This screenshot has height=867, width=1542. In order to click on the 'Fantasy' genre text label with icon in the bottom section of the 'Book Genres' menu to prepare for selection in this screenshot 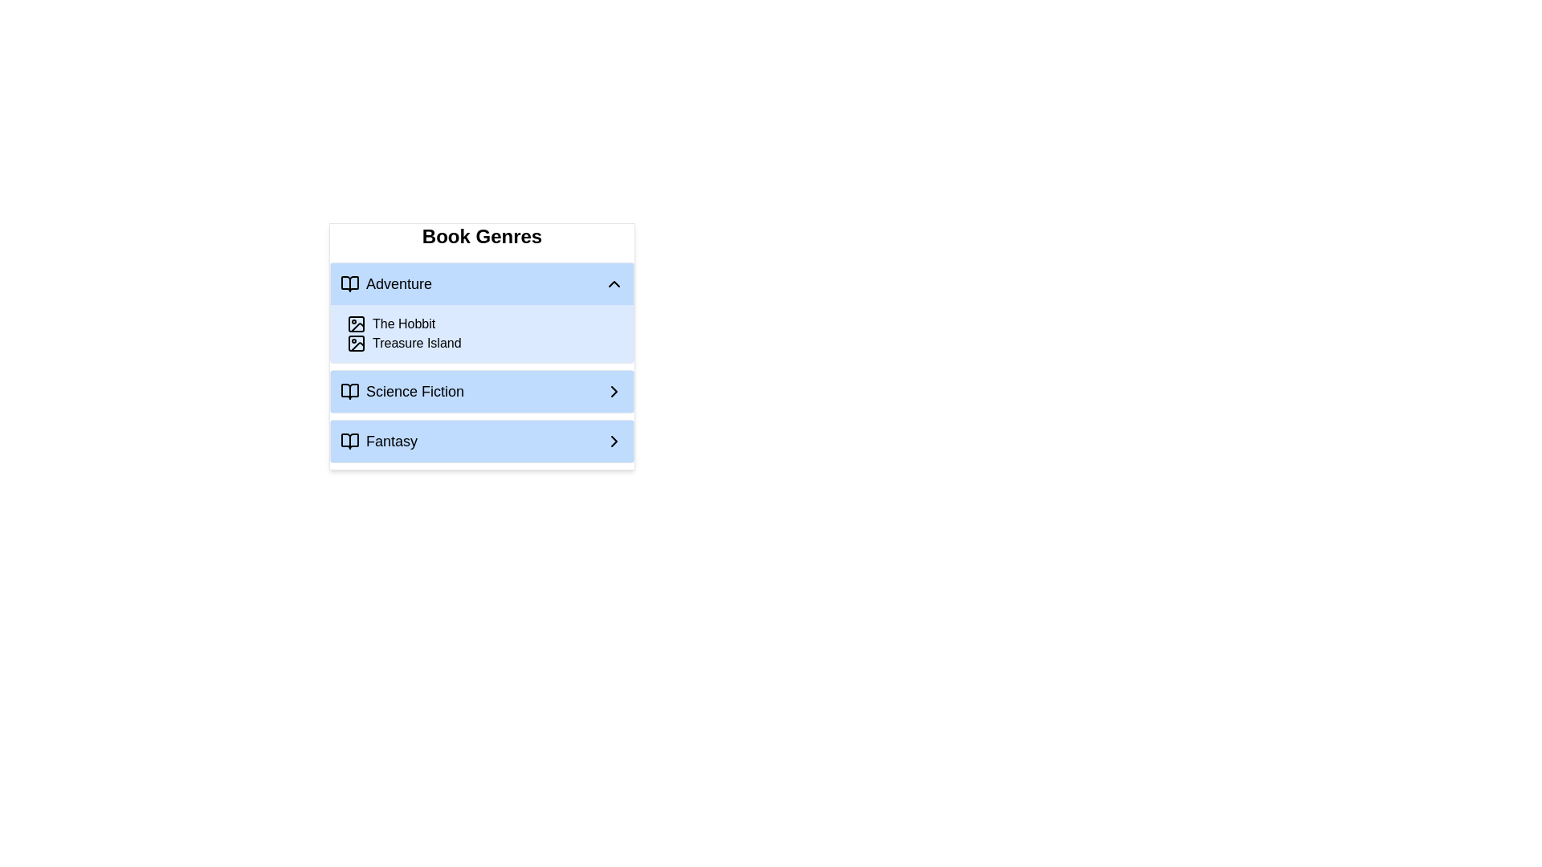, I will do `click(377, 442)`.